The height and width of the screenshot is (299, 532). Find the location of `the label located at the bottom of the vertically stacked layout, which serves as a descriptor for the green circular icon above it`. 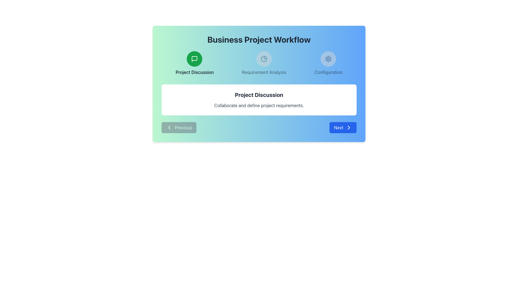

the label located at the bottom of the vertically stacked layout, which serves as a descriptor for the green circular icon above it is located at coordinates (195, 72).